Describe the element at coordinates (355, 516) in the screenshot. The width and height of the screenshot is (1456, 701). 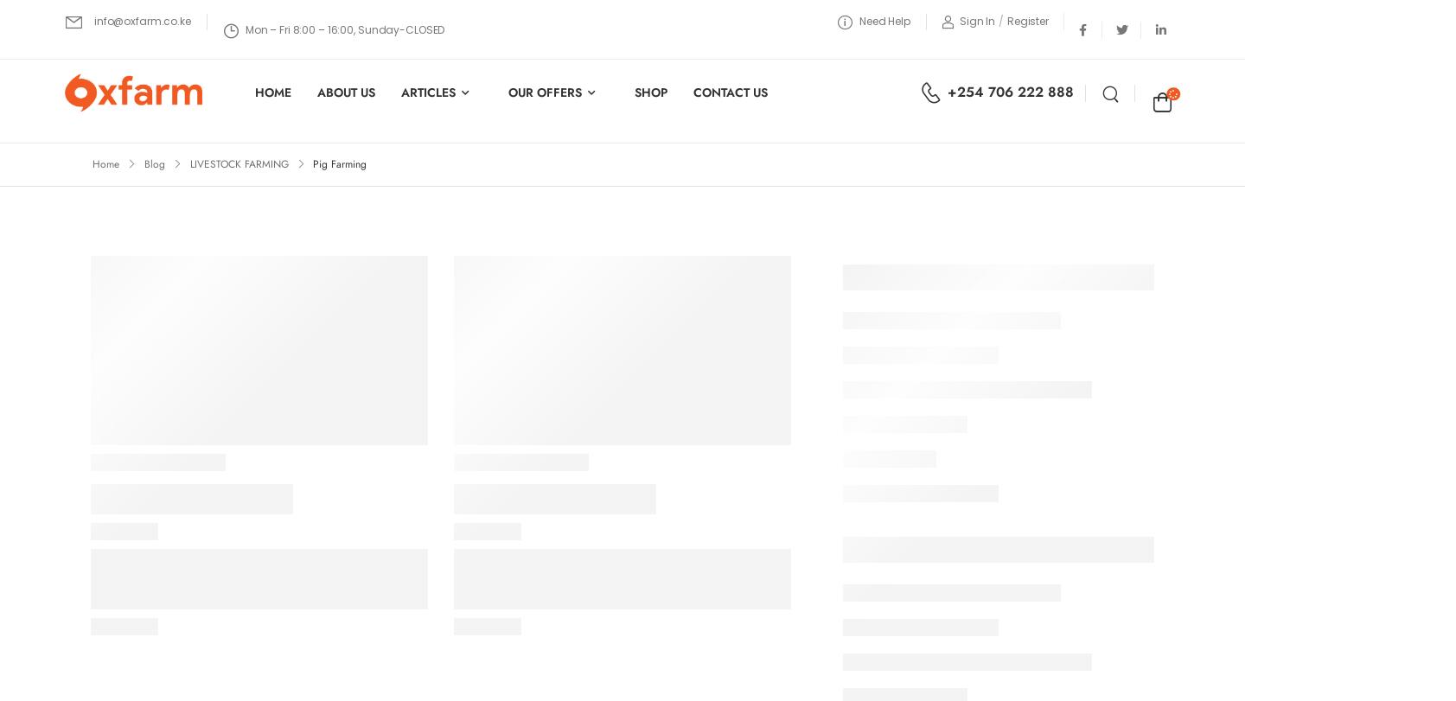
I see `'Ridgeways, Kigwa Road'` at that location.